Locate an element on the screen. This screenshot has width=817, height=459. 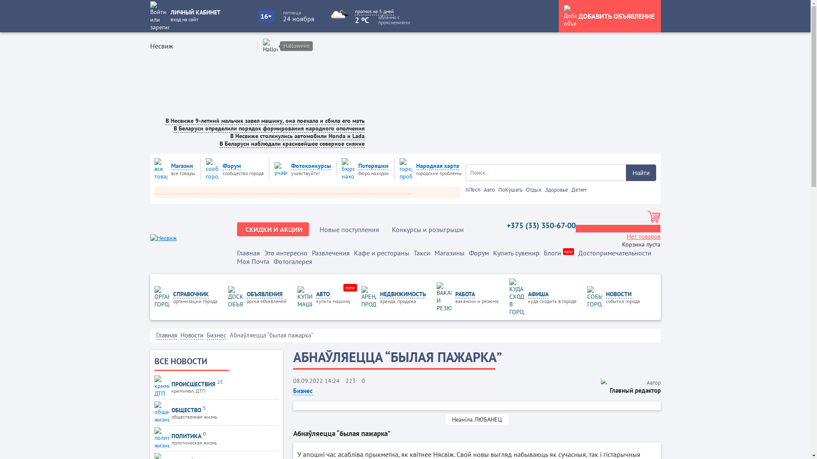
'Halloween' is located at coordinates (280, 45).